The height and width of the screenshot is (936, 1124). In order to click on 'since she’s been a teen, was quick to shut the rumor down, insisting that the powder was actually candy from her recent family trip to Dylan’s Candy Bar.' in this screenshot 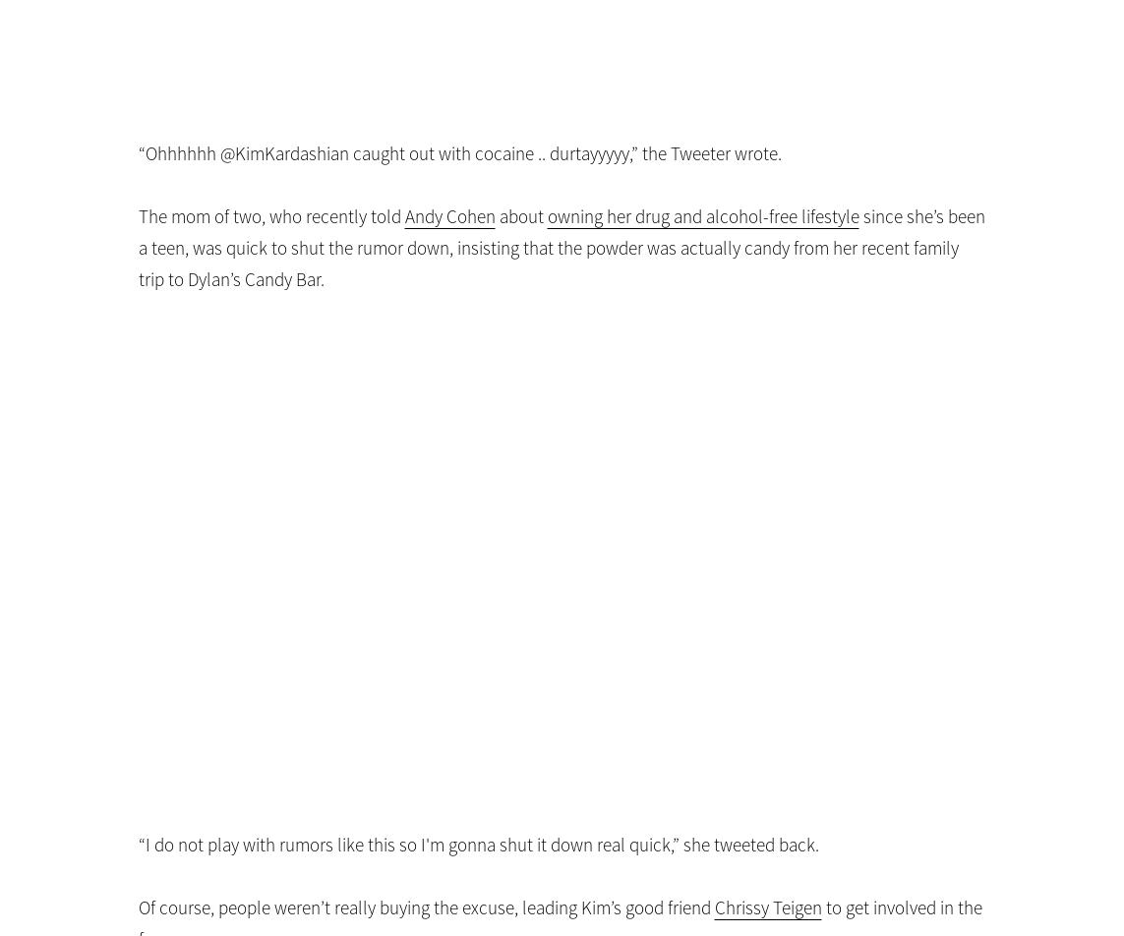, I will do `click(561, 247)`.